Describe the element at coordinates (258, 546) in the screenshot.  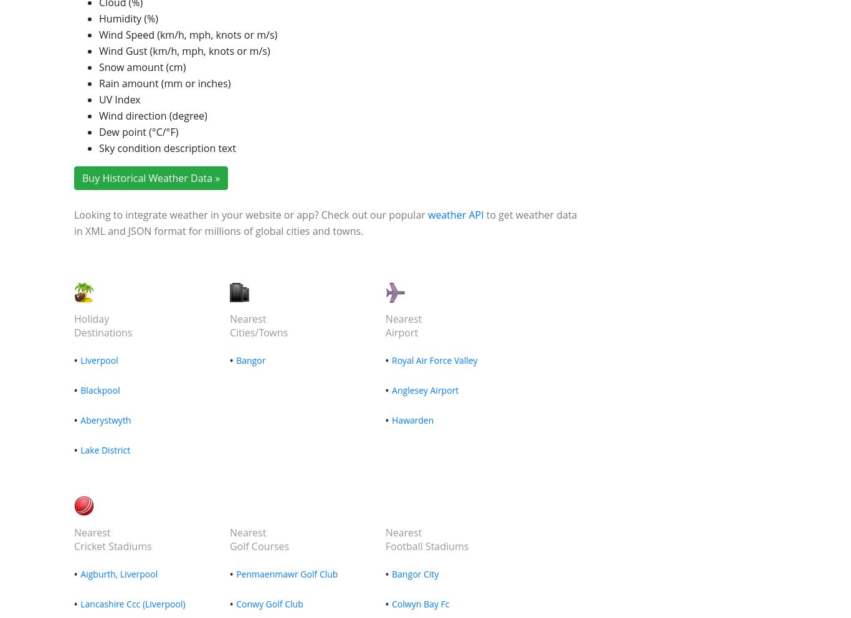
I see `'Golf Courses'` at that location.